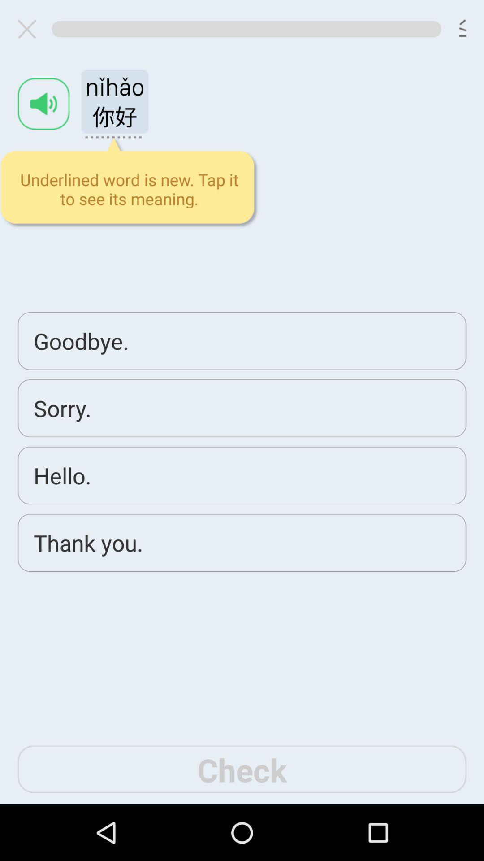  Describe the element at coordinates (242, 401) in the screenshot. I see `say hello in chinese` at that location.